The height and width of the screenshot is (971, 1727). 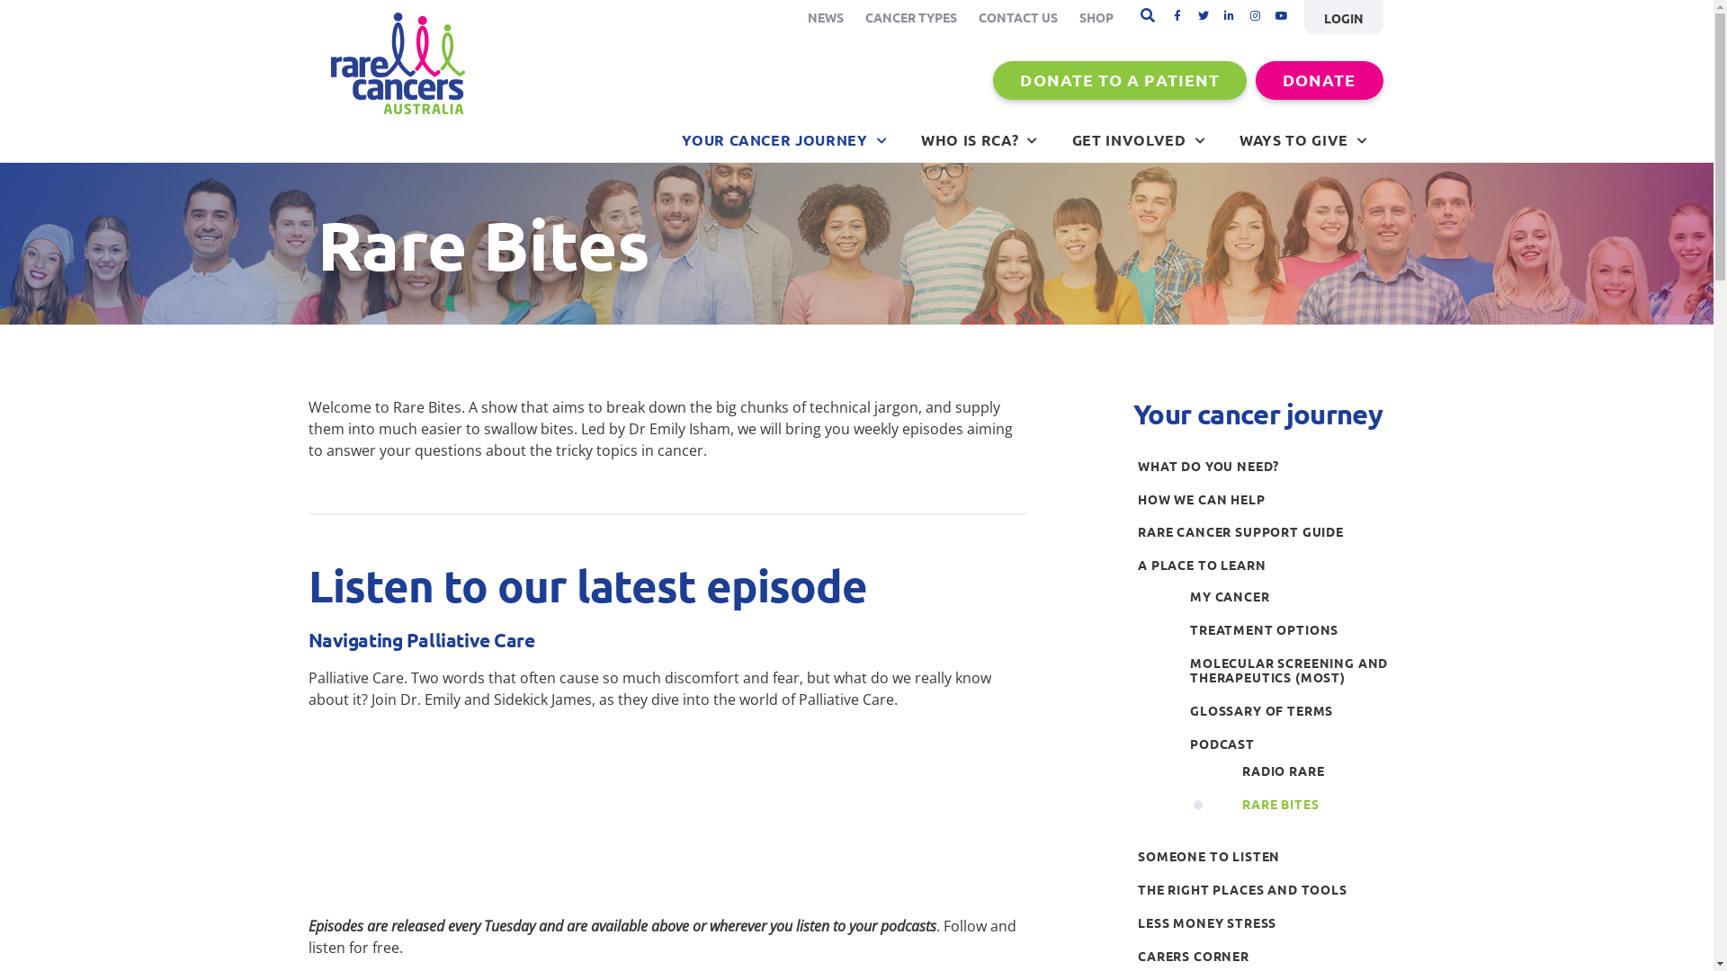 I want to click on 'SHOP', so click(x=1096, y=17).